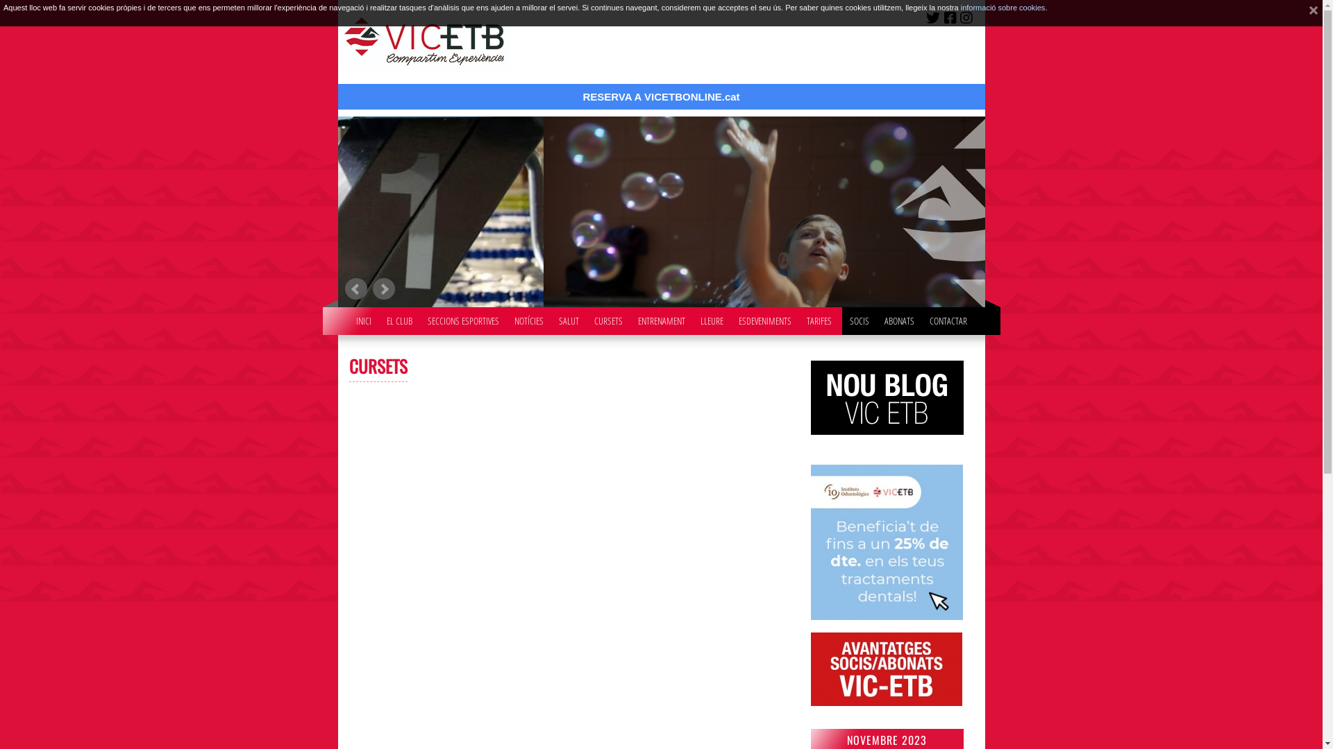 This screenshot has width=1333, height=749. I want to click on 'TARIFES', so click(819, 318).